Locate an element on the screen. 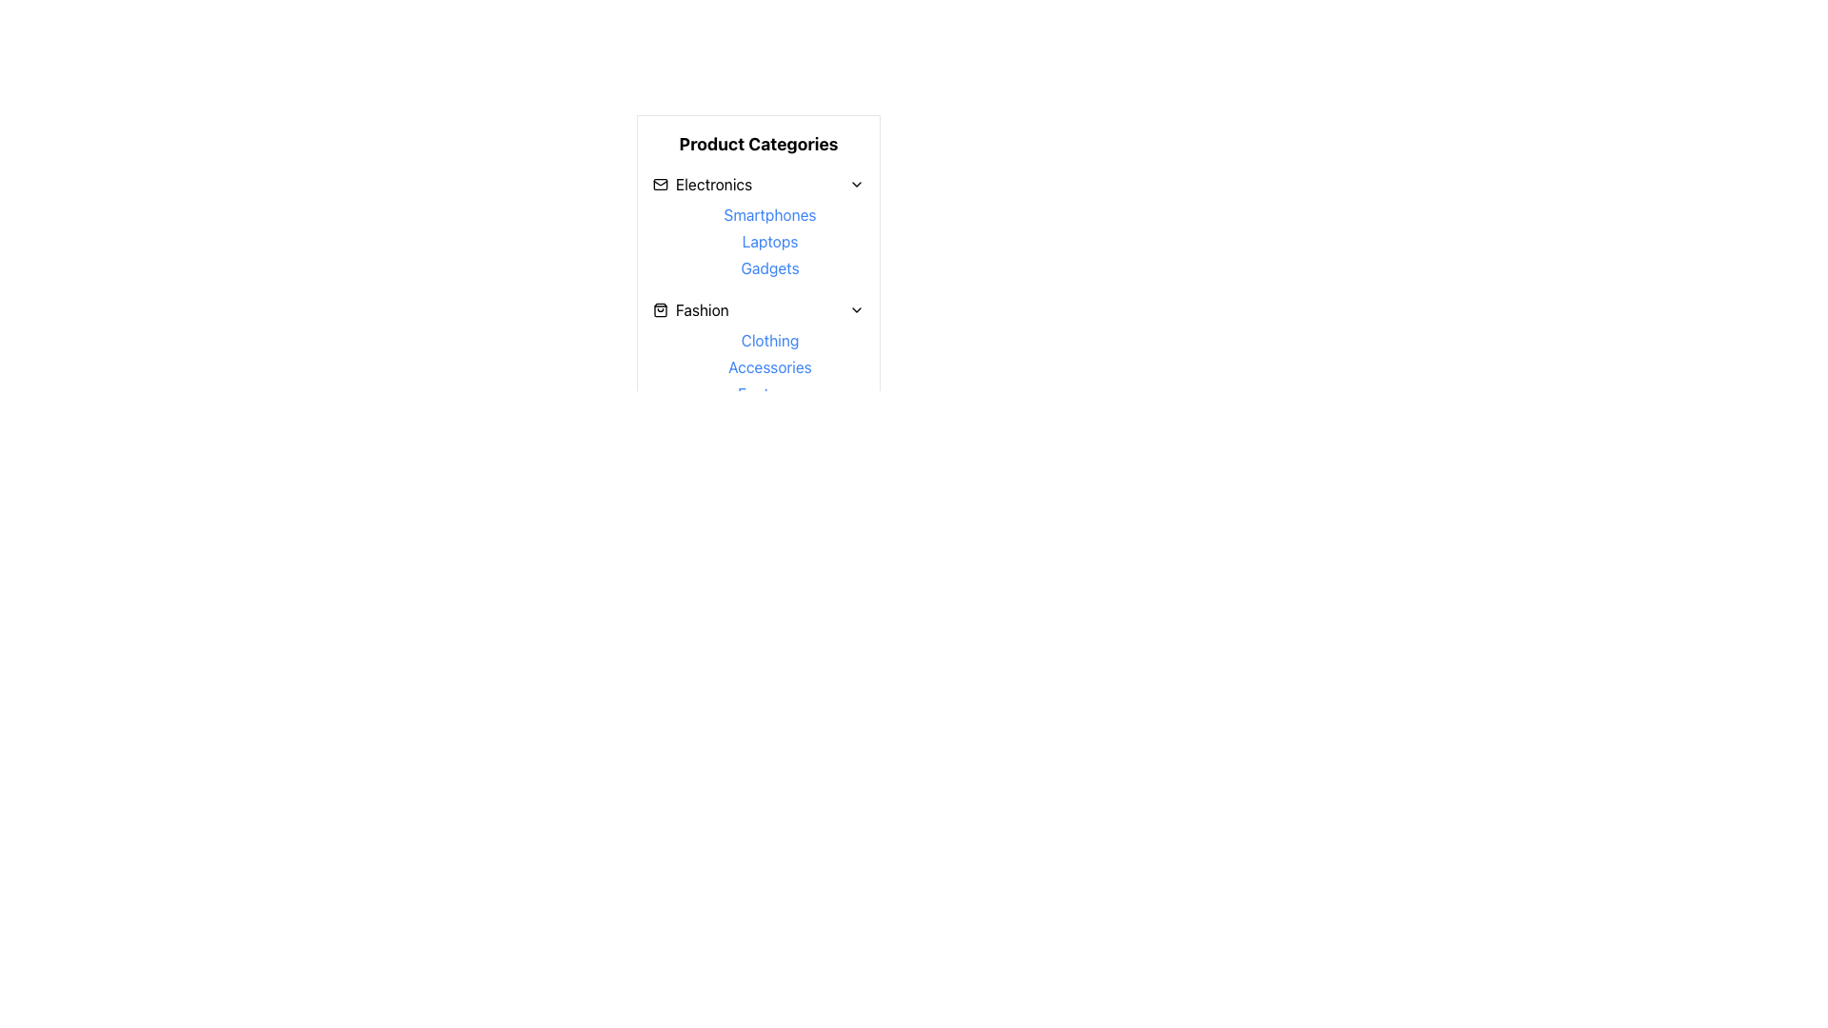 Image resolution: width=1828 pixels, height=1028 pixels. the 'Smartphones' text label in the 'Electronics' category sidebar is located at coordinates (770, 214).